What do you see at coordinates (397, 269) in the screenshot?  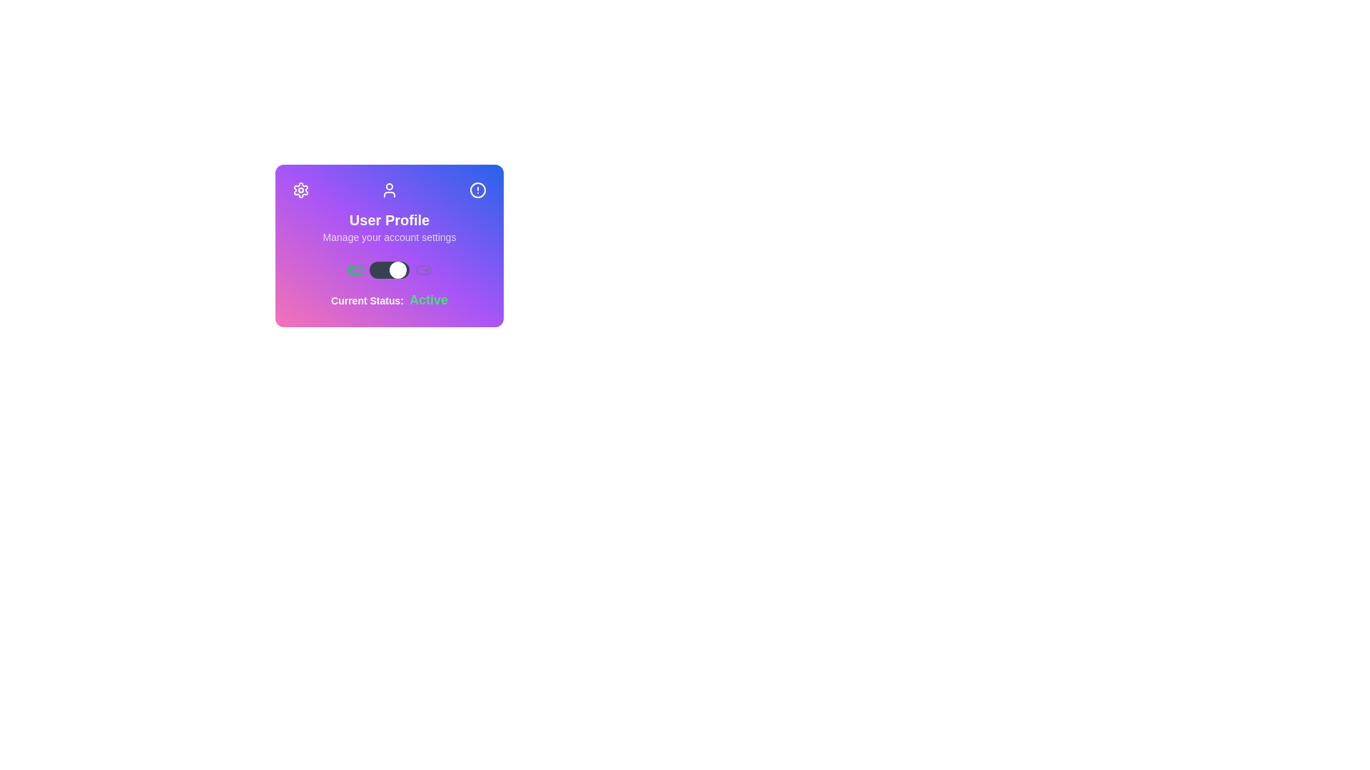 I see `the toggle handle located at the right edge of the settings card to change its state` at bounding box center [397, 269].